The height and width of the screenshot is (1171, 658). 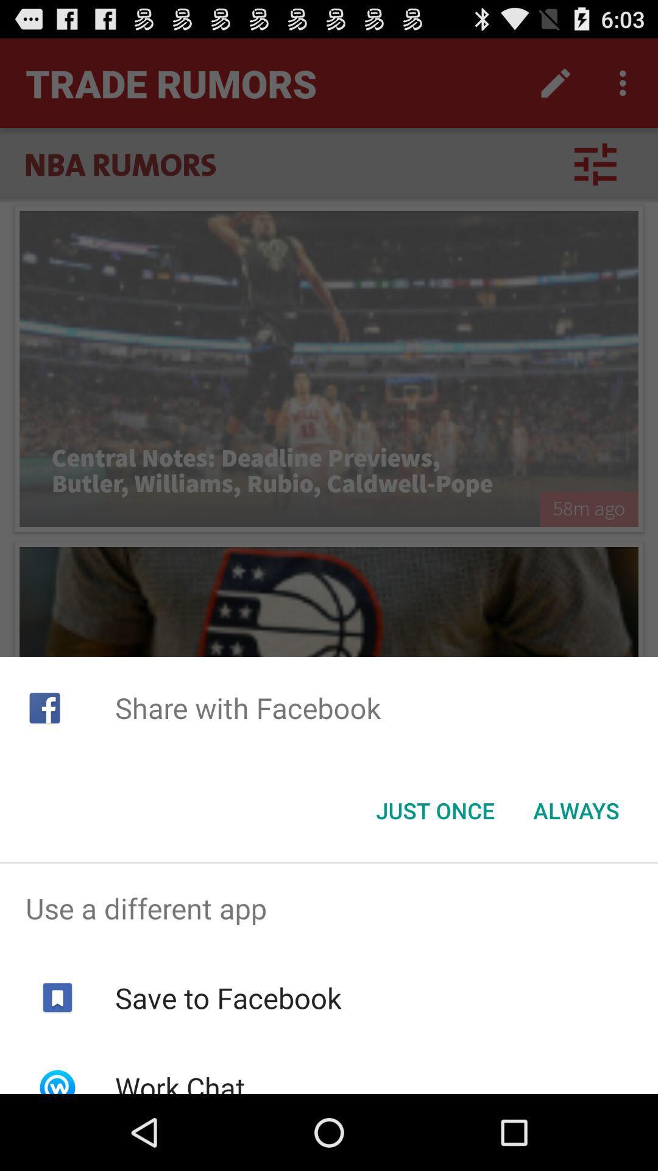 I want to click on always item, so click(x=576, y=811).